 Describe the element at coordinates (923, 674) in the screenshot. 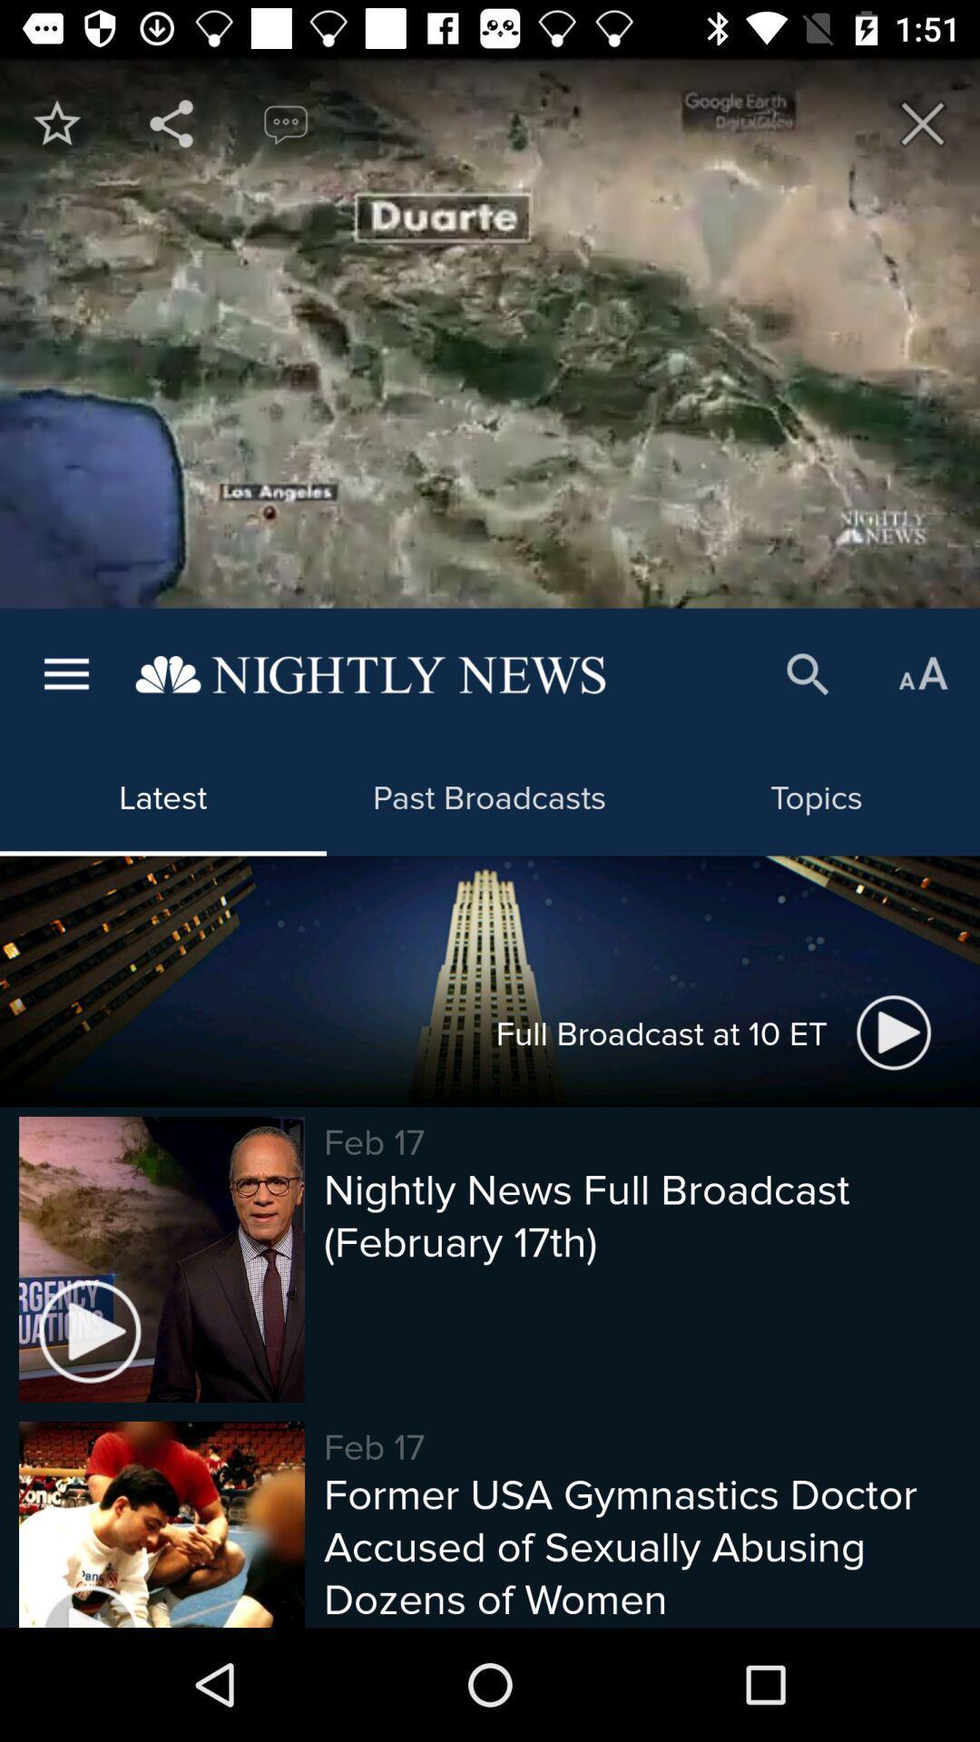

I see `item above topics` at that location.